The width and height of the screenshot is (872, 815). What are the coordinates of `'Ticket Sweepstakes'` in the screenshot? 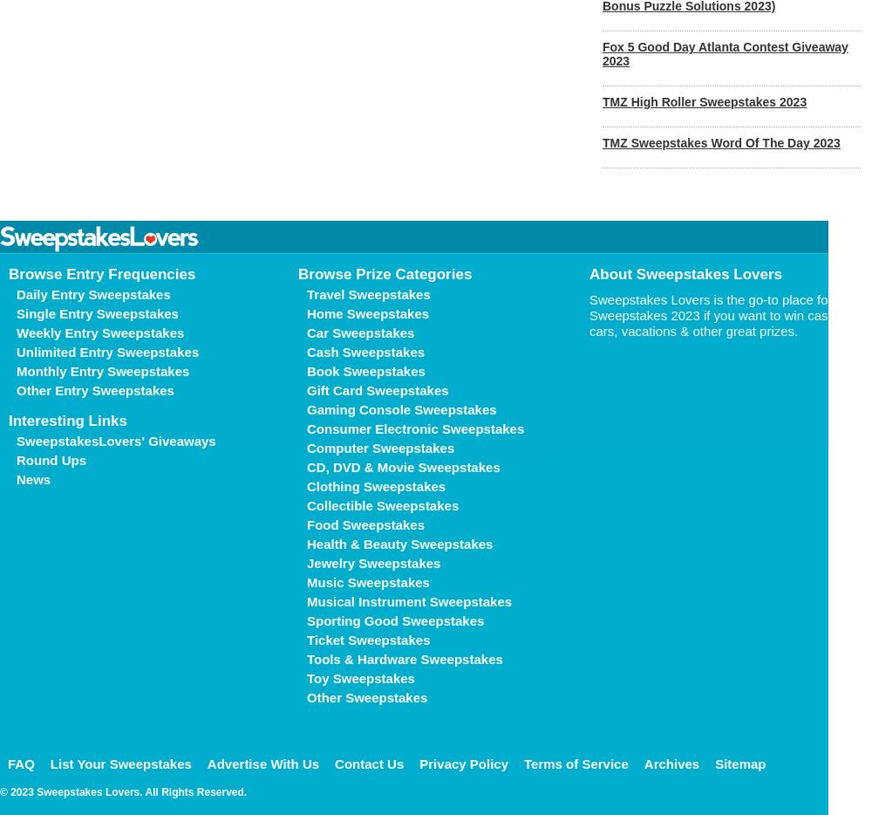 It's located at (368, 640).